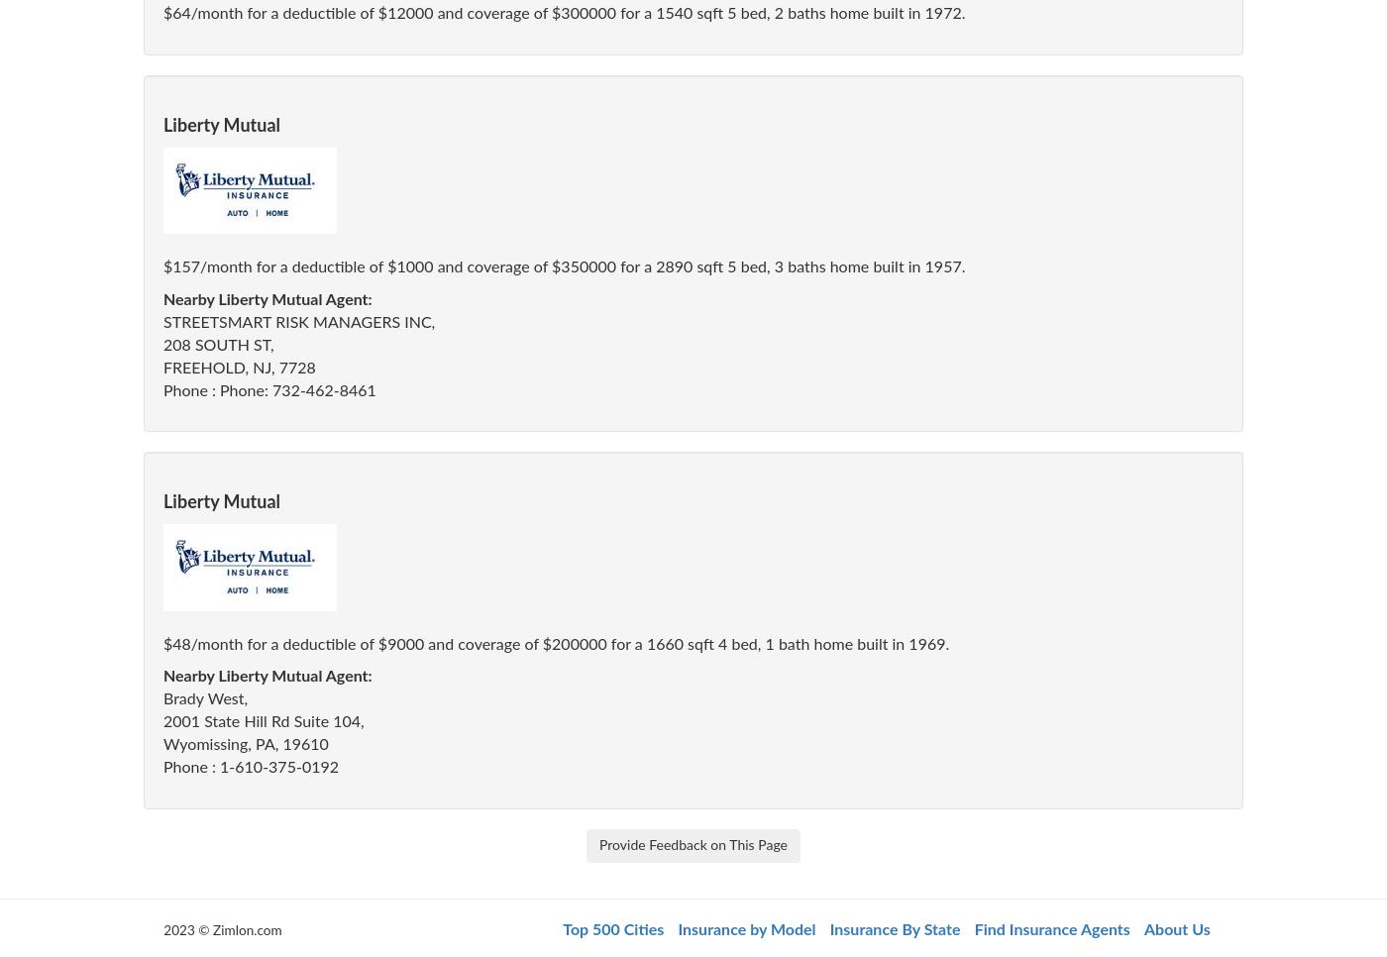  What do you see at coordinates (163, 929) in the screenshot?
I see `'2023 © Zimlon.com'` at bounding box center [163, 929].